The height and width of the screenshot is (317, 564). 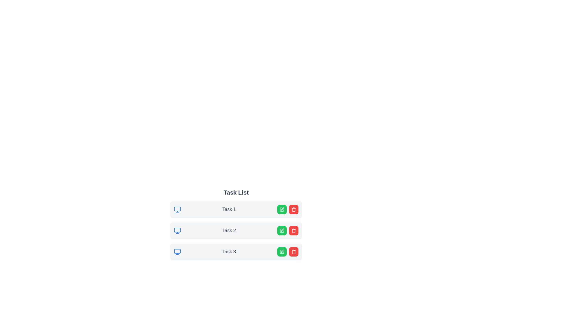 What do you see at coordinates (282, 251) in the screenshot?
I see `the edit button for 'Task 3'` at bounding box center [282, 251].